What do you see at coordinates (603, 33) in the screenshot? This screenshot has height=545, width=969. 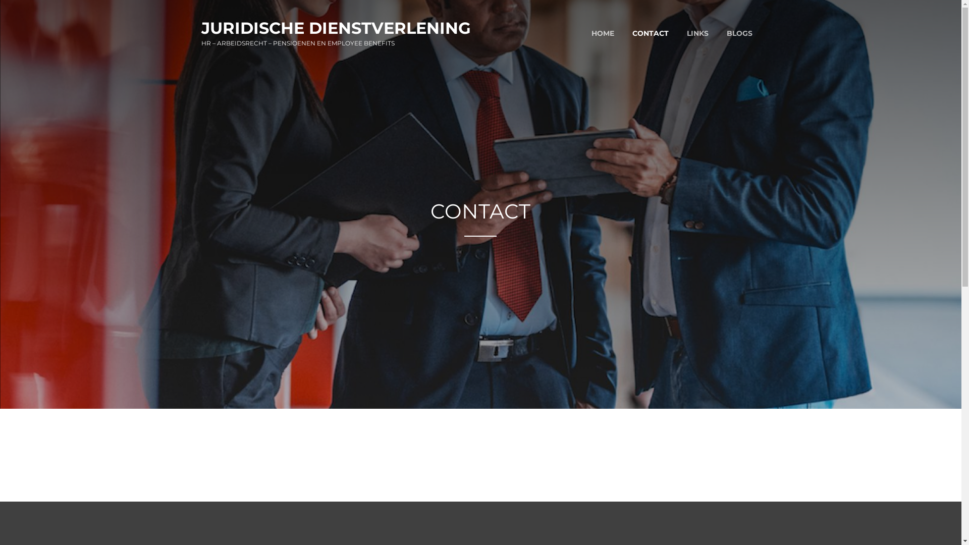 I see `'HOME'` at bounding box center [603, 33].